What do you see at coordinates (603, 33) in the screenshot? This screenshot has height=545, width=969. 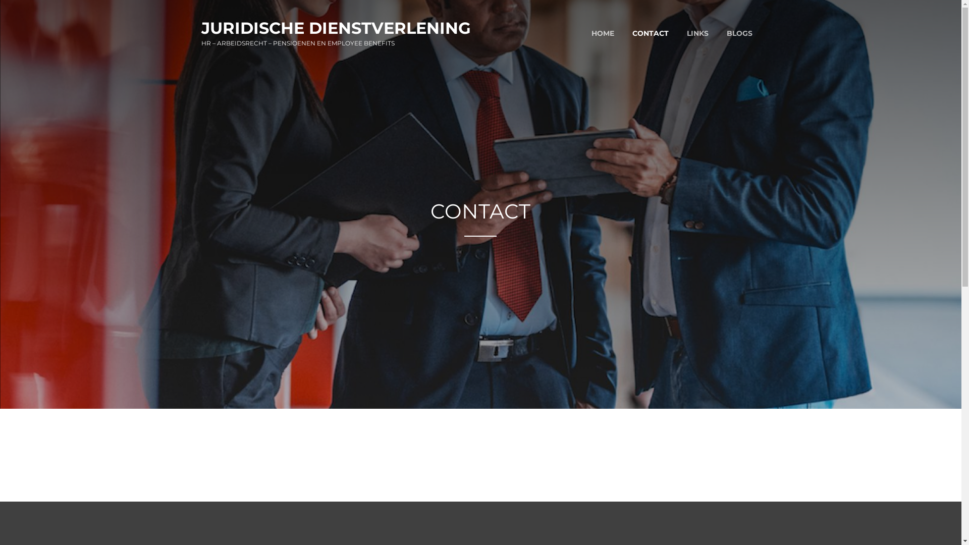 I see `'HOME'` at bounding box center [603, 33].